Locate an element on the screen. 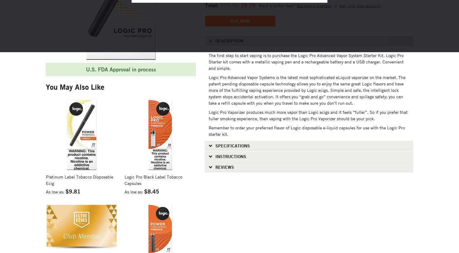 The height and width of the screenshot is (253, 459). 'Logic Pro Vaporizer produces much more vapor than Logic ecigs and it feels “fuller”. So if you prefer that fuller smoking experience, then vaping with the Logic Pro Vaporizer should be your pick.' is located at coordinates (308, 115).